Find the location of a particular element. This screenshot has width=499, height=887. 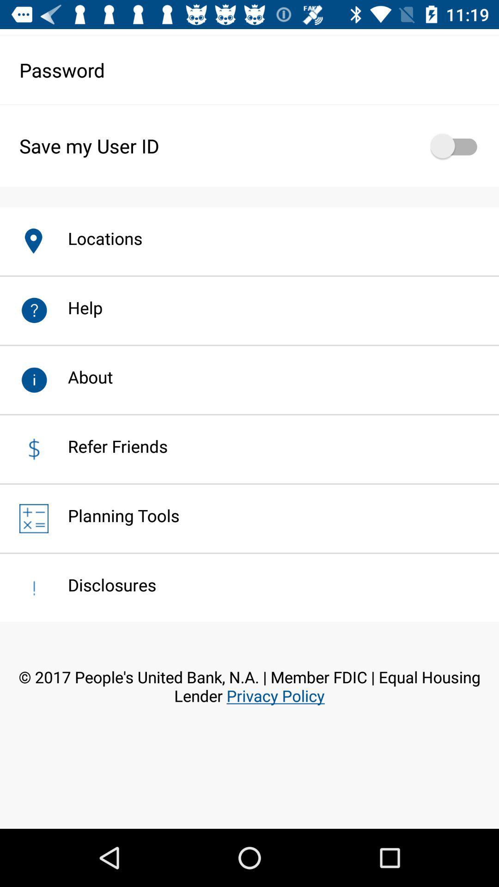

locations item is located at coordinates (95, 238).